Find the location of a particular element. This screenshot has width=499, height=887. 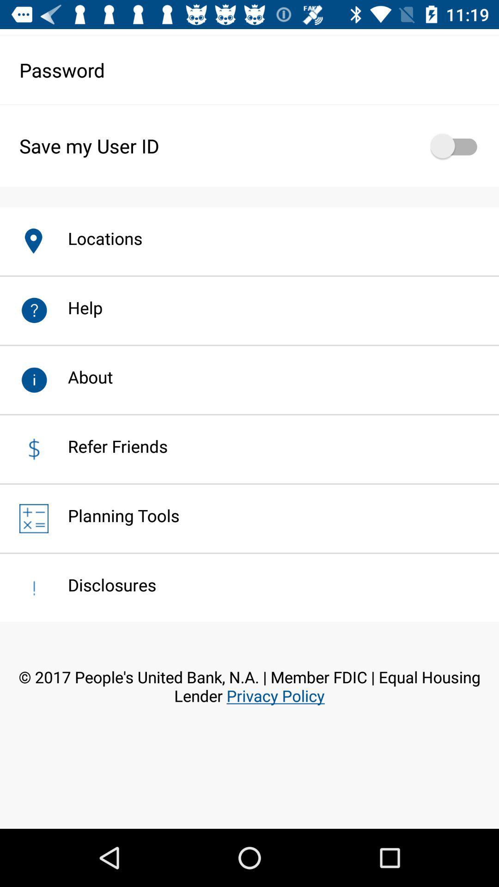

locations item is located at coordinates (95, 238).